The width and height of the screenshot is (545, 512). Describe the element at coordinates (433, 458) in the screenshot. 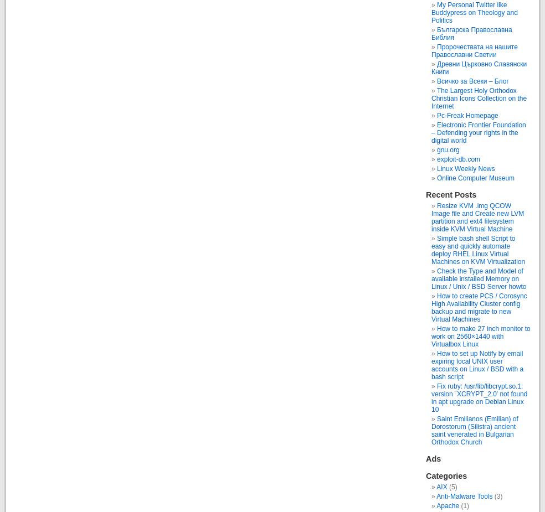

I see `'Ads'` at that location.